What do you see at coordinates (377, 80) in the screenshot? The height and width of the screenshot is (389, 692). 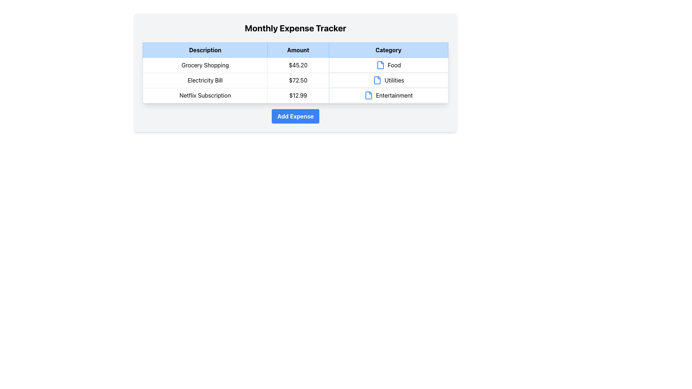 I see `the SVG icon representing a document with rounded corners in the third row of the 'Category' column next to the 'Utilities' label` at bounding box center [377, 80].